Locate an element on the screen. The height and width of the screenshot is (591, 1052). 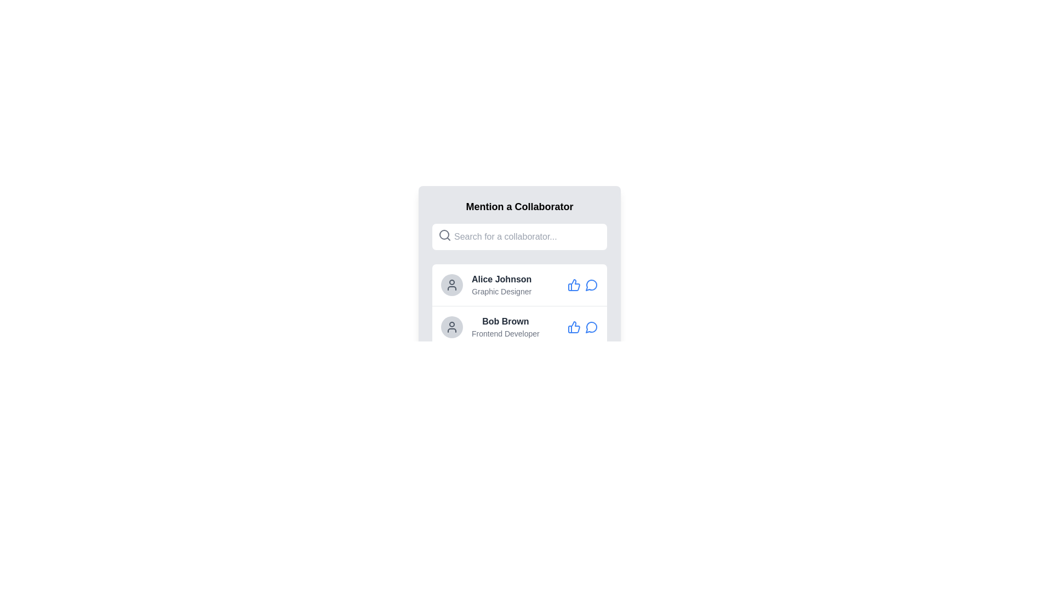
the text label representing the name of a collaborator is located at coordinates (501, 279).